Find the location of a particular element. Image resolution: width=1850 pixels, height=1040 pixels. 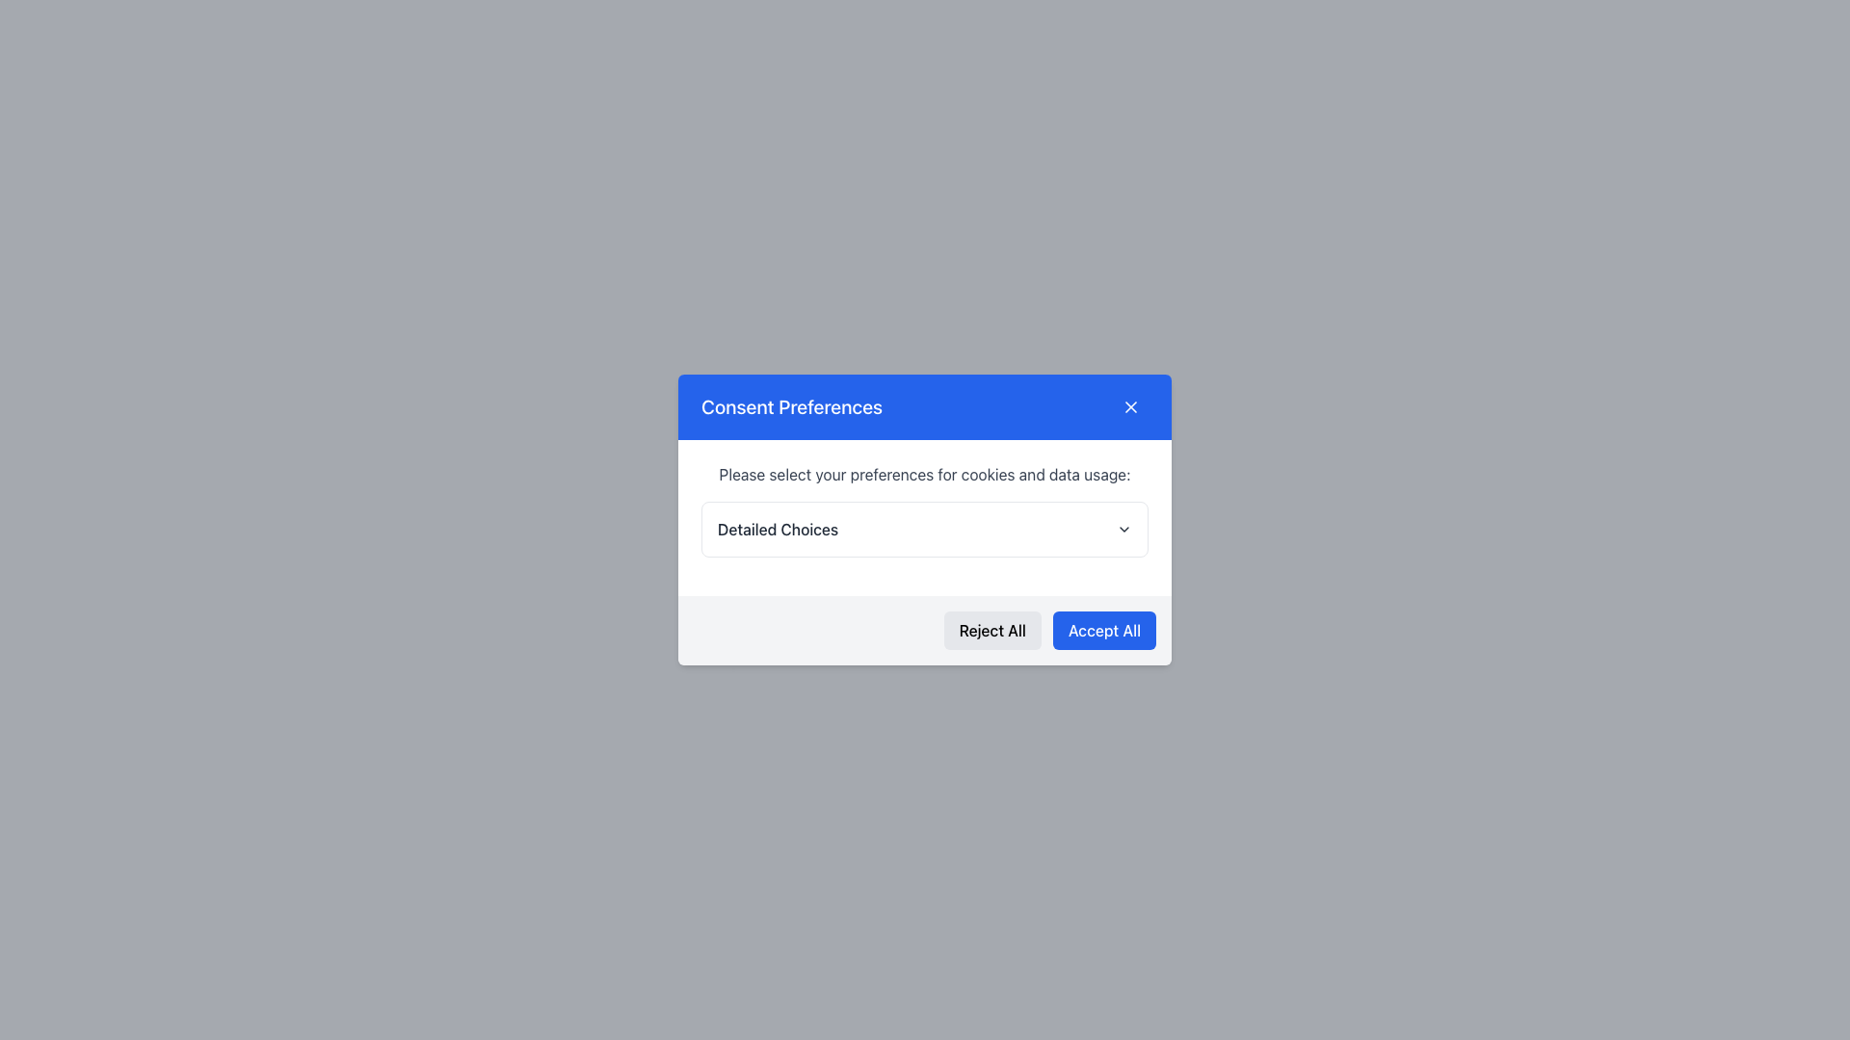

the toggle indicator icon located to the right of the 'Detailed Choices' text in the 'Consent Preferences' dialog box is located at coordinates (1123, 530).